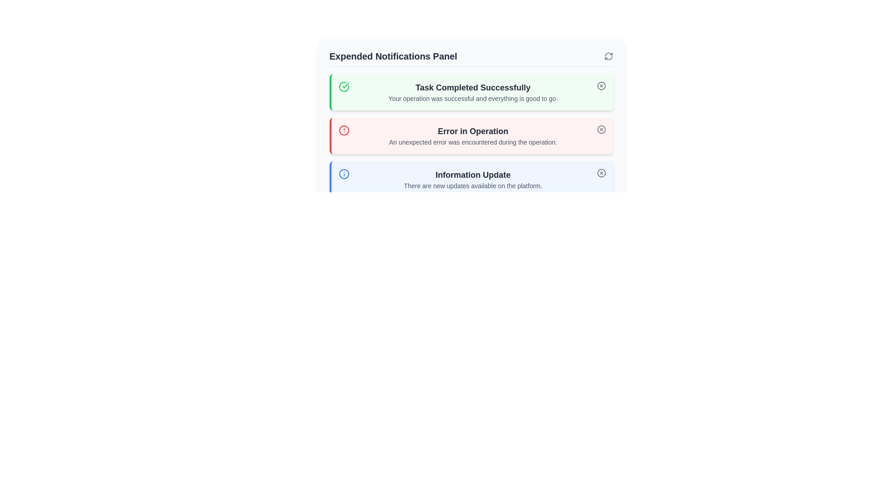  What do you see at coordinates (473, 136) in the screenshot?
I see `the textual content within the second notification card that summarizes an error notification, which states 'Error in Operation' and provides additional context` at bounding box center [473, 136].